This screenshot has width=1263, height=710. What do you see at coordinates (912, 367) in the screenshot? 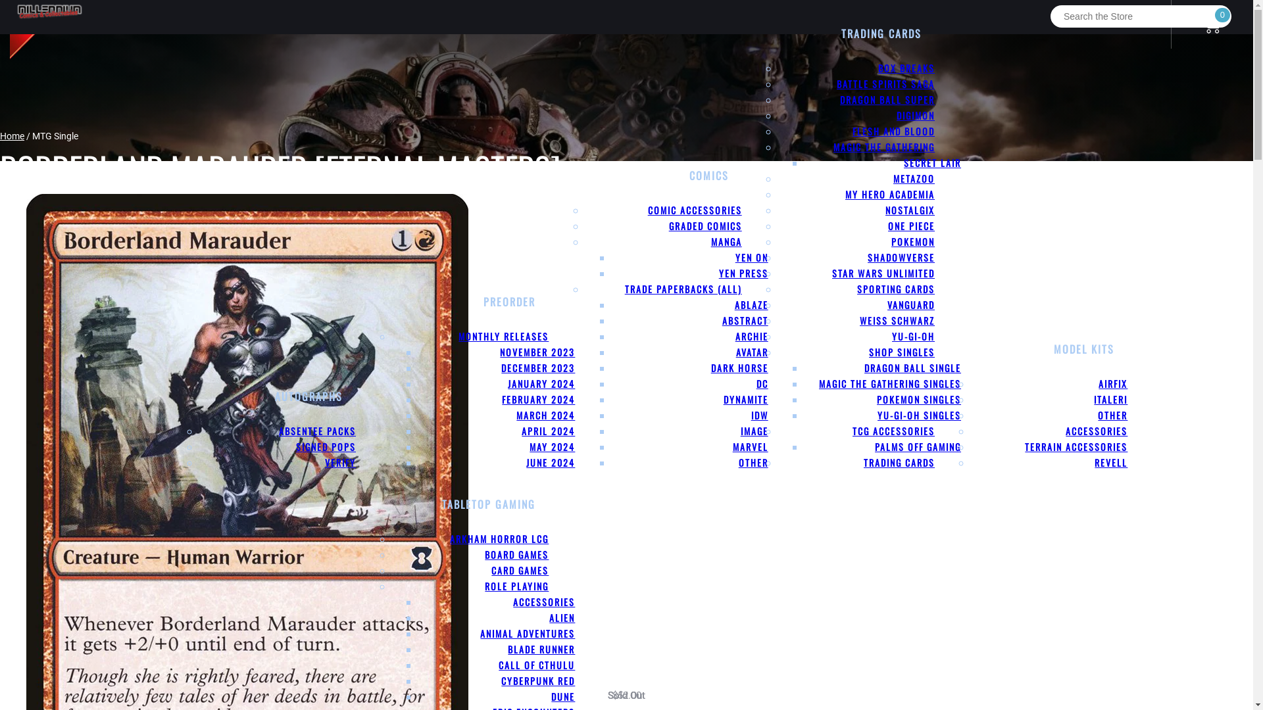
I see `'DRAGON BALL SINGLE'` at bounding box center [912, 367].